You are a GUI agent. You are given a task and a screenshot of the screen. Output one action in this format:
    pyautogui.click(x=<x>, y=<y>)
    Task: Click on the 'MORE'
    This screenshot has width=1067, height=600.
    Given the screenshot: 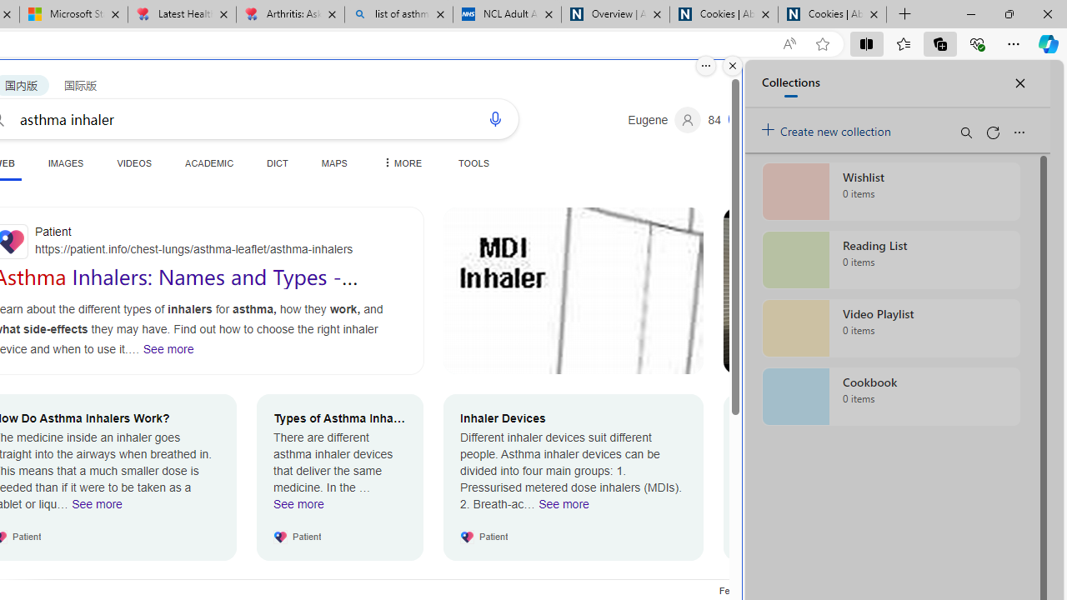 What is the action you would take?
    pyautogui.click(x=401, y=162)
    